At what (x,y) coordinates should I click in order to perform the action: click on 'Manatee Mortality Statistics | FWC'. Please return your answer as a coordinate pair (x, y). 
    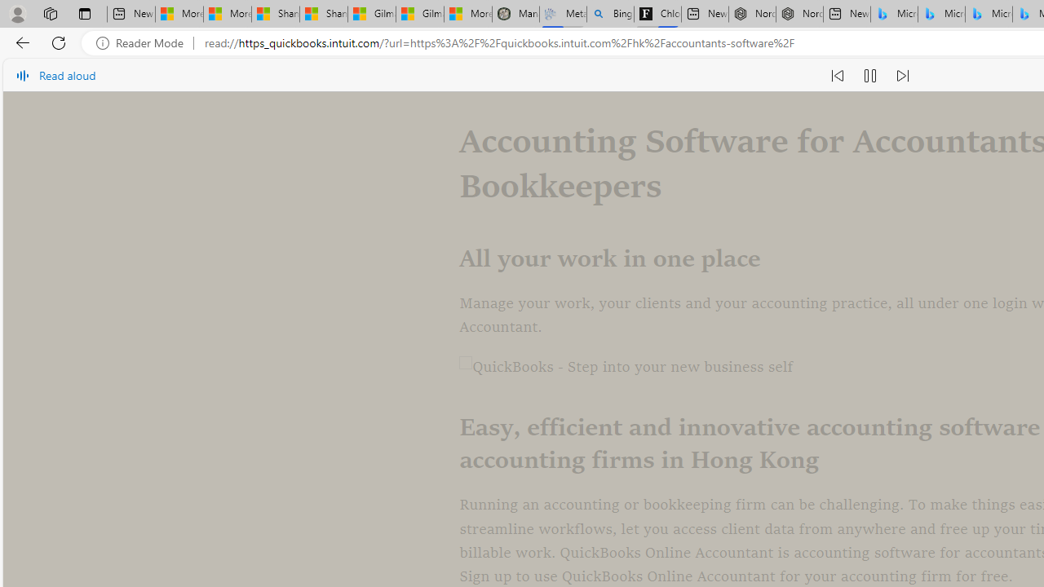
    Looking at the image, I should click on (515, 14).